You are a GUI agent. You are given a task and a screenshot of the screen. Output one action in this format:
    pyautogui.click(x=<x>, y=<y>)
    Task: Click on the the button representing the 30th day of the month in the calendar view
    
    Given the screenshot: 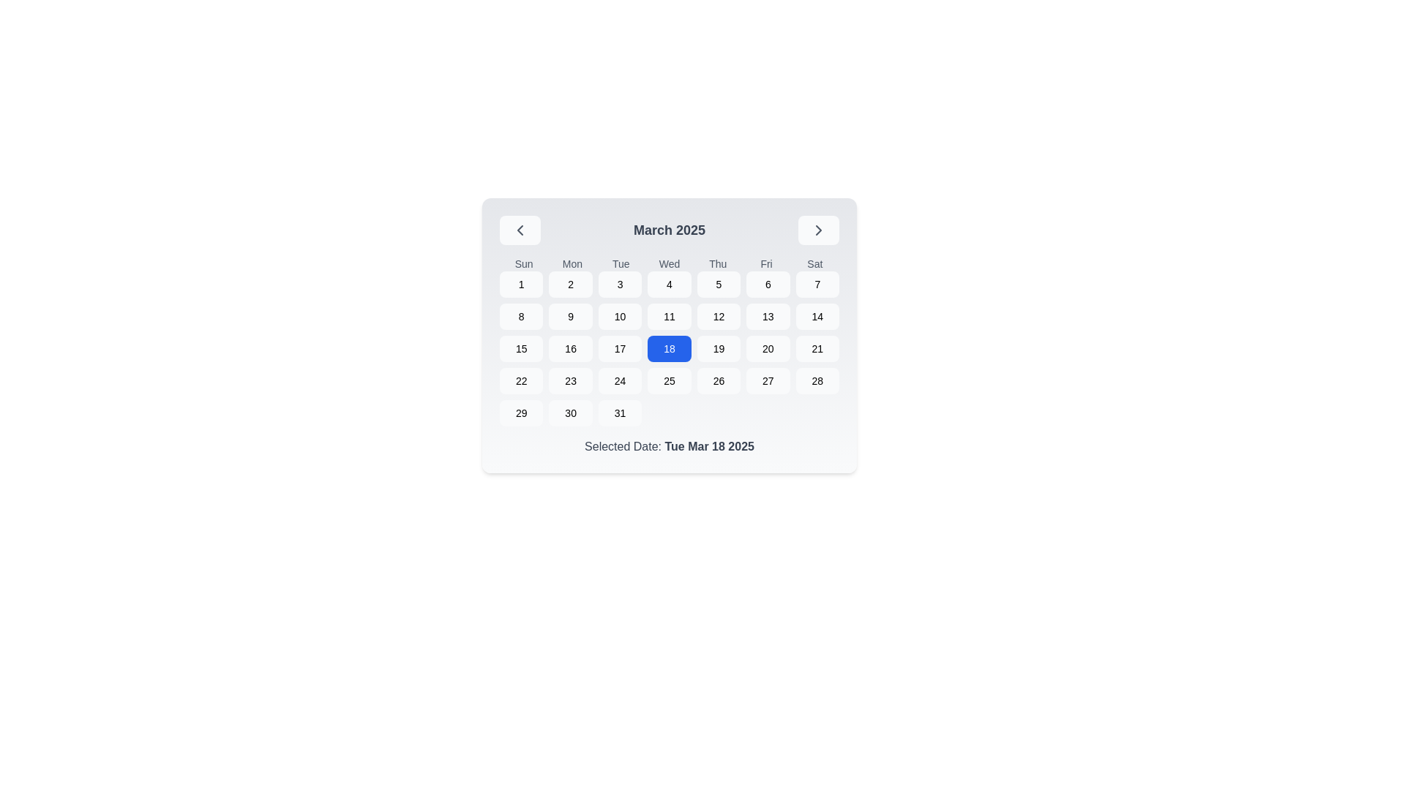 What is the action you would take?
    pyautogui.click(x=570, y=413)
    